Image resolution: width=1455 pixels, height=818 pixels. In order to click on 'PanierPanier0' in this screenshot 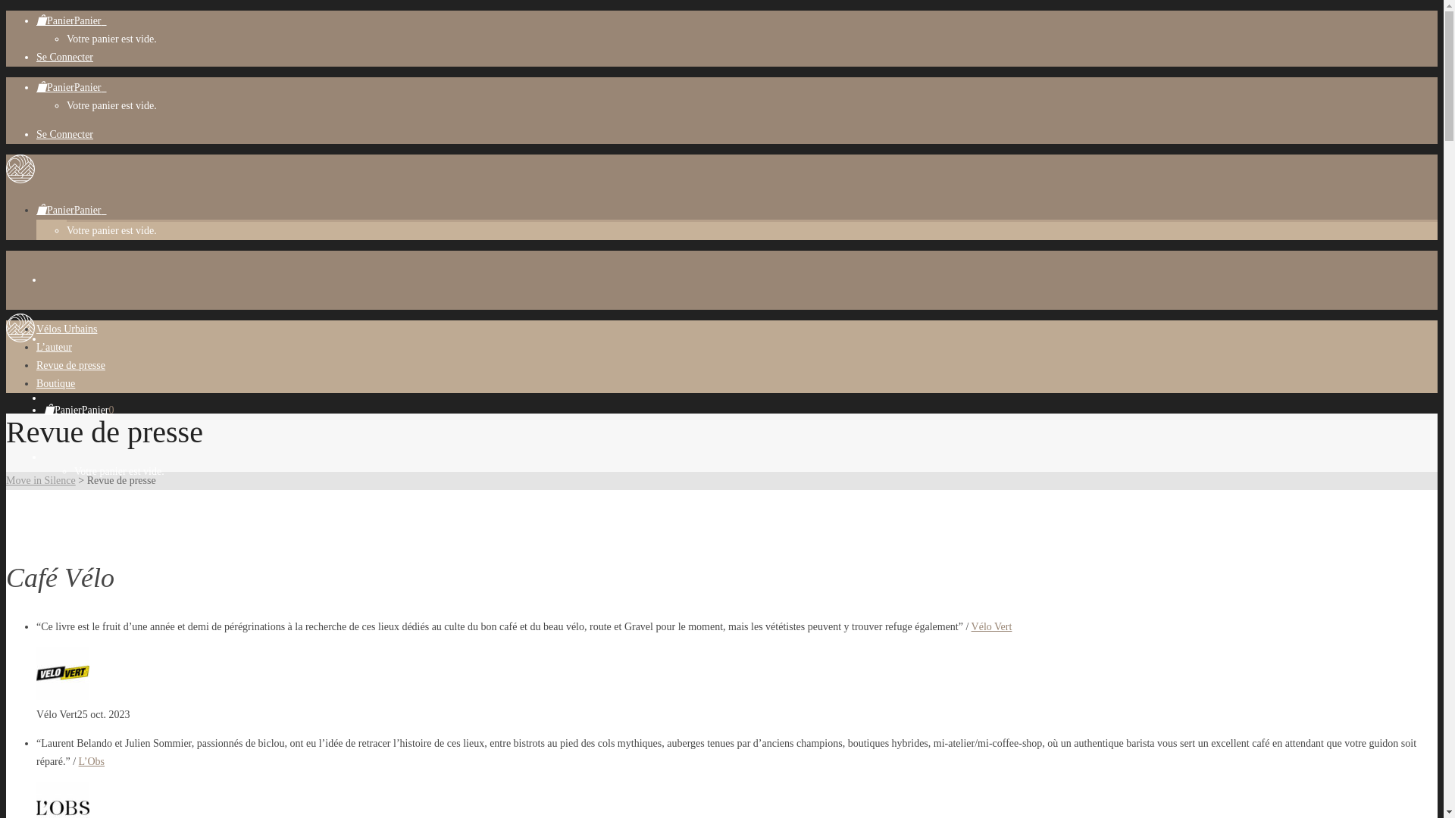, I will do `click(70, 20)`.